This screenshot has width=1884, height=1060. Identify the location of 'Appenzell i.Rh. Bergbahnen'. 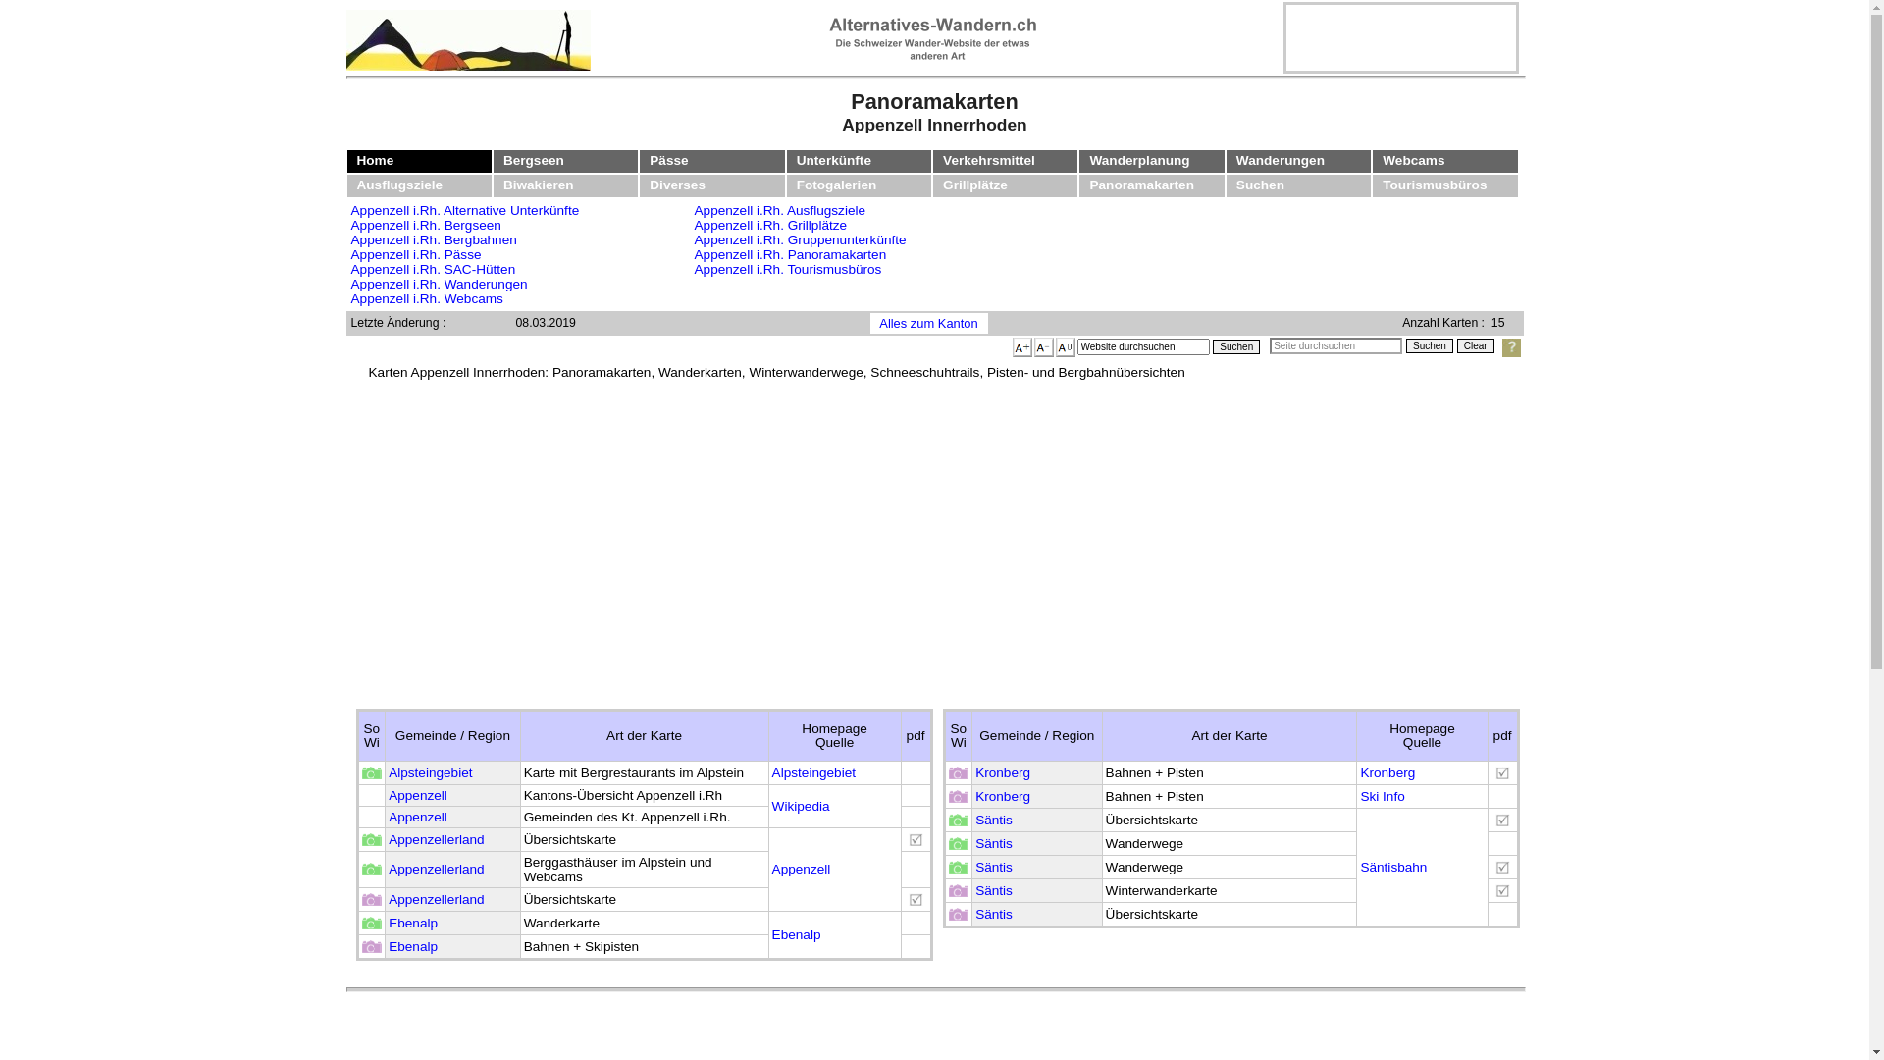
(433, 238).